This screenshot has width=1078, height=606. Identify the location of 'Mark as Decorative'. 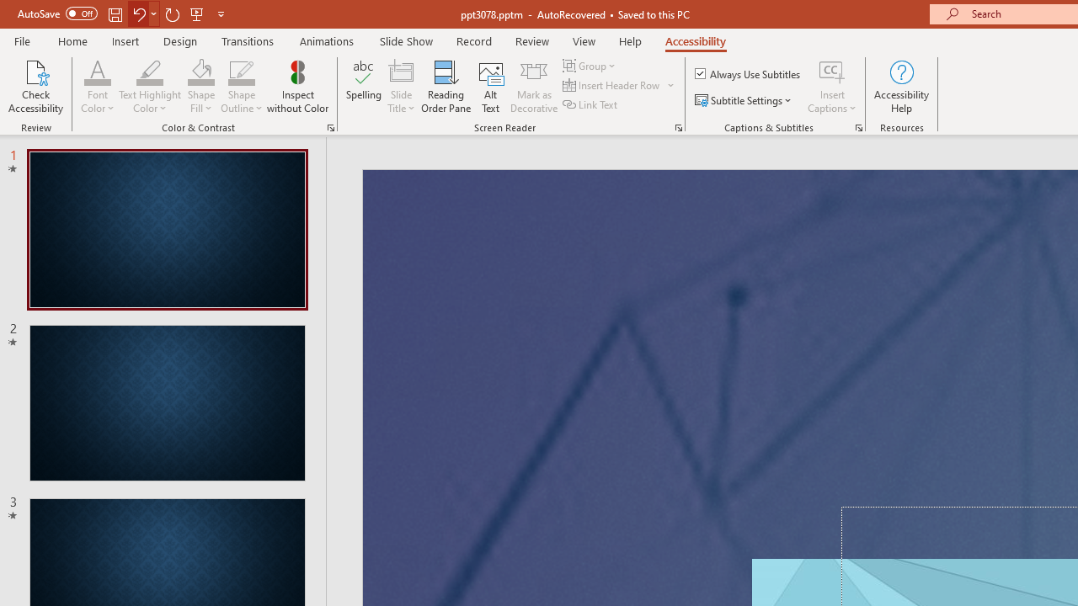
(533, 87).